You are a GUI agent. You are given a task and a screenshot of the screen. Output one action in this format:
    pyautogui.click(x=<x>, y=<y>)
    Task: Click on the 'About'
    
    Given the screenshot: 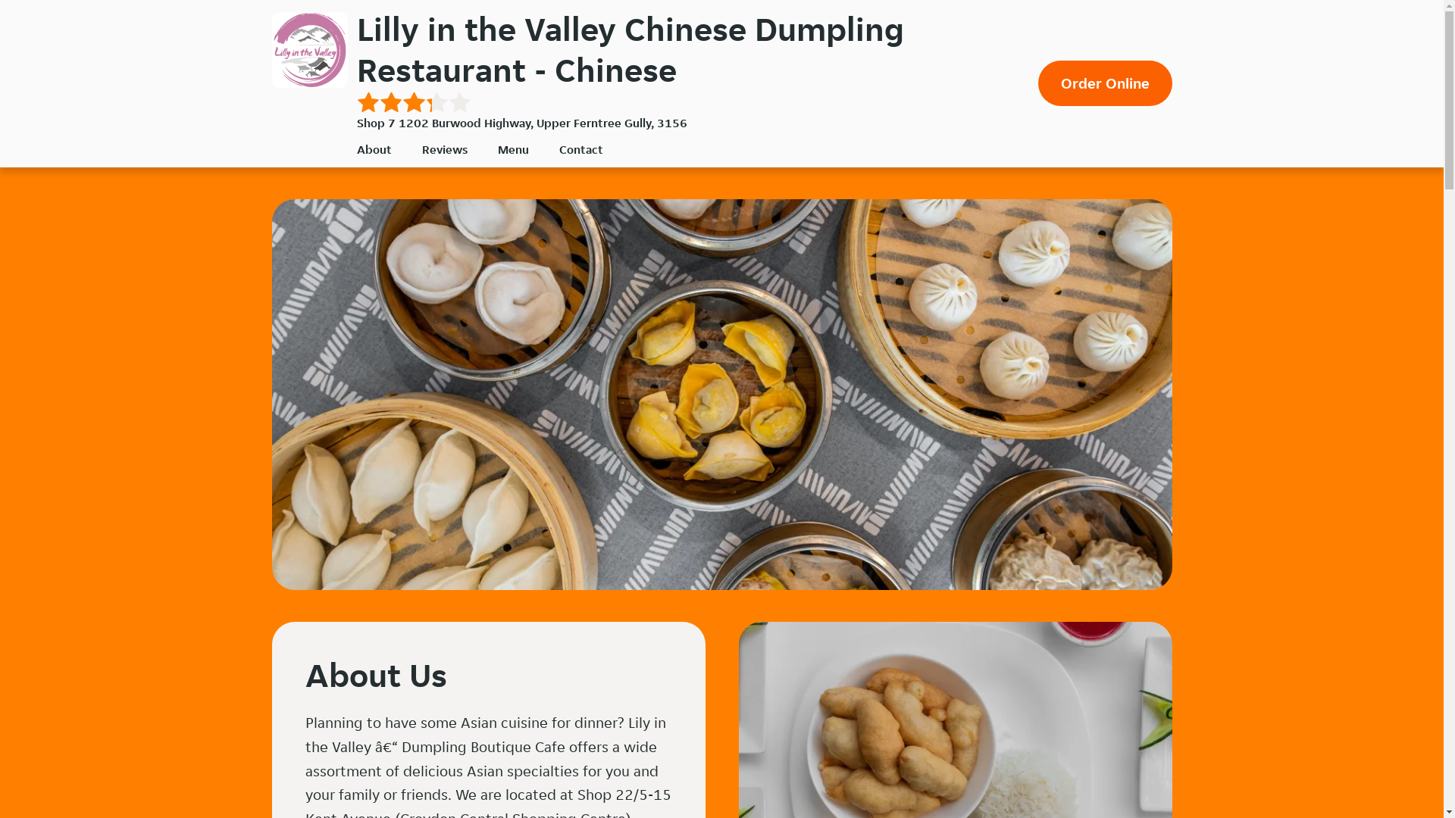 What is the action you would take?
    pyautogui.click(x=374, y=149)
    